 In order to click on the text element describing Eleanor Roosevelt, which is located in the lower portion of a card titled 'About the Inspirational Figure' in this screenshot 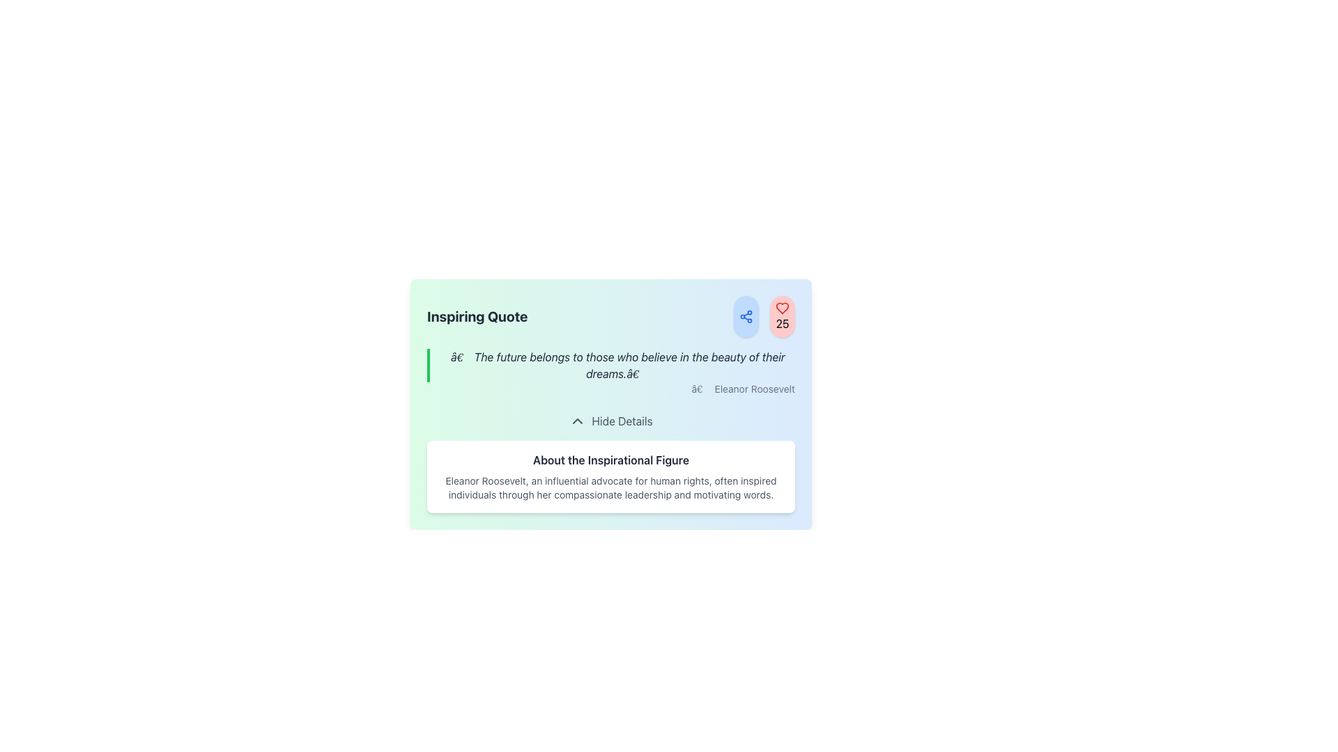, I will do `click(611, 487)`.